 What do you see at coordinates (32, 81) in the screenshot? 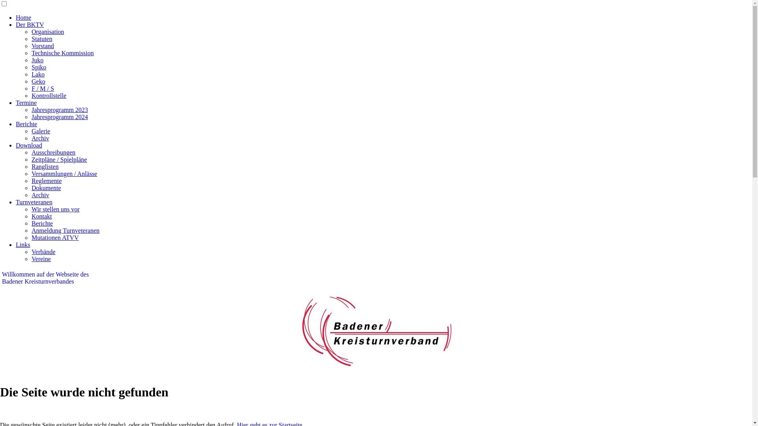
I see `'Geko'` at bounding box center [32, 81].